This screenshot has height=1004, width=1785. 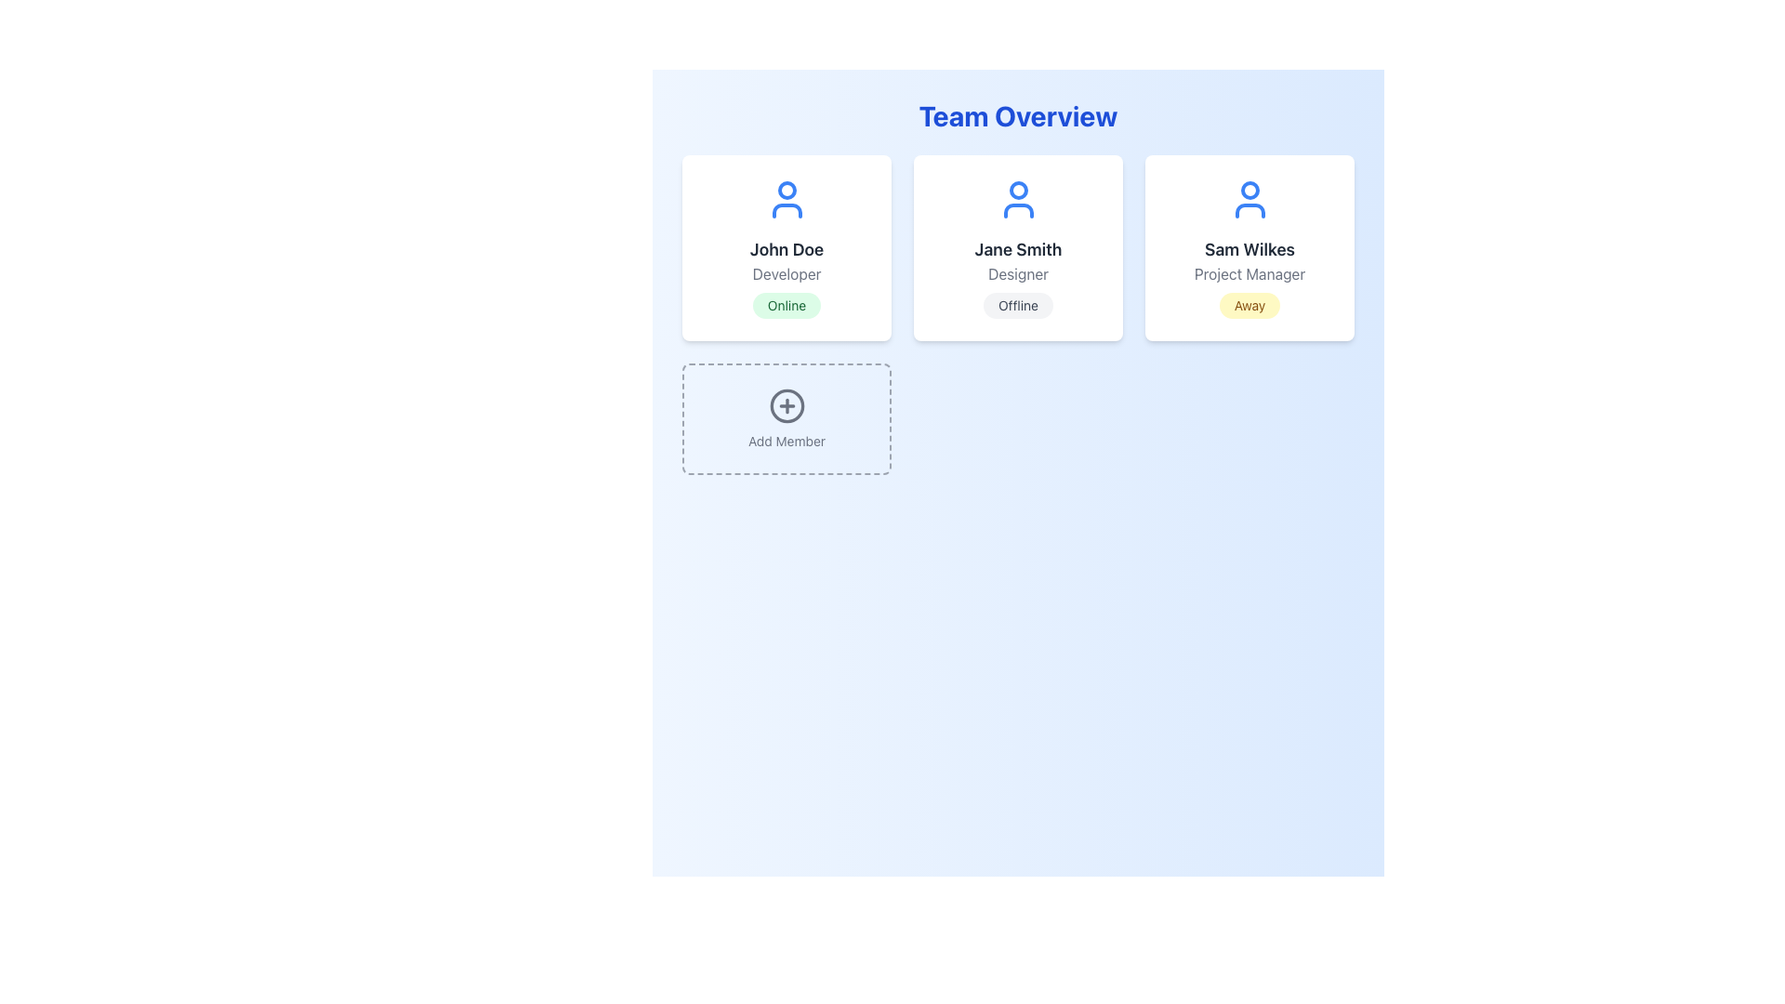 What do you see at coordinates (1017, 273) in the screenshot?
I see `the Text Label element that contains the text 'Designer', styled with a gray font, located under 'Jane Smith' within a card layout` at bounding box center [1017, 273].